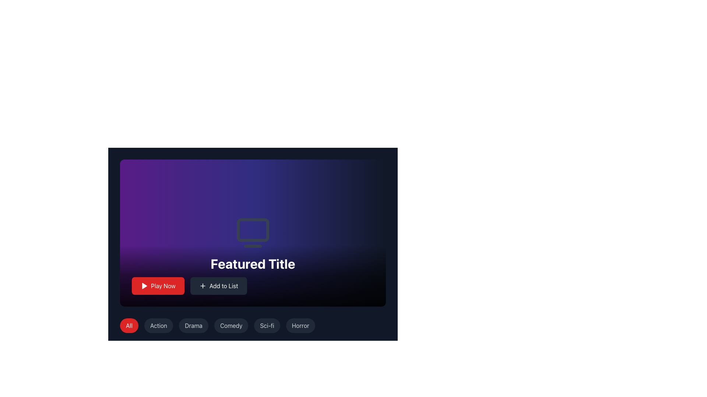  What do you see at coordinates (231, 325) in the screenshot?
I see `the 'Comedy' button, which is a pill-shaped label with light gray text on a dark background, positioned between the 'Drama' and 'Sci-fi' buttons in the horizontal list` at bounding box center [231, 325].